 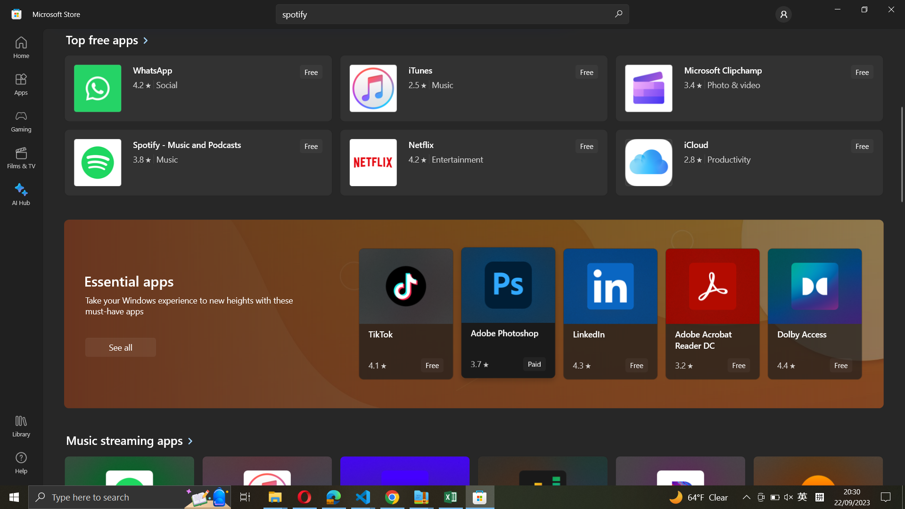 I want to click on Execute the Library command, so click(x=20, y=427).